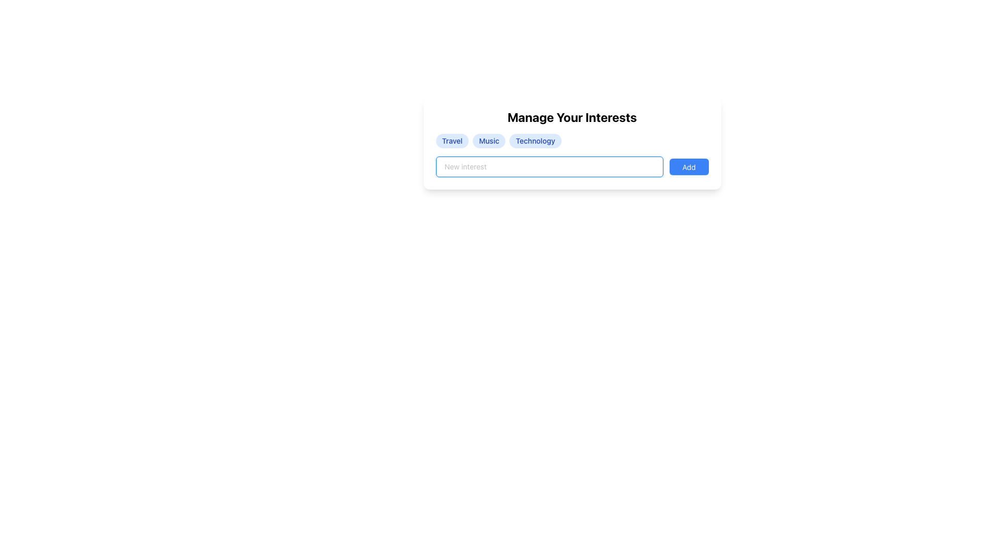 The width and height of the screenshot is (992, 558). I want to click on the 'Music' Tag button, which is a rounded pill-shaped button with bold blue letters on a light blue background, positioned between the 'Travel' and 'Technology' buttons for visual feedback, so click(488, 141).